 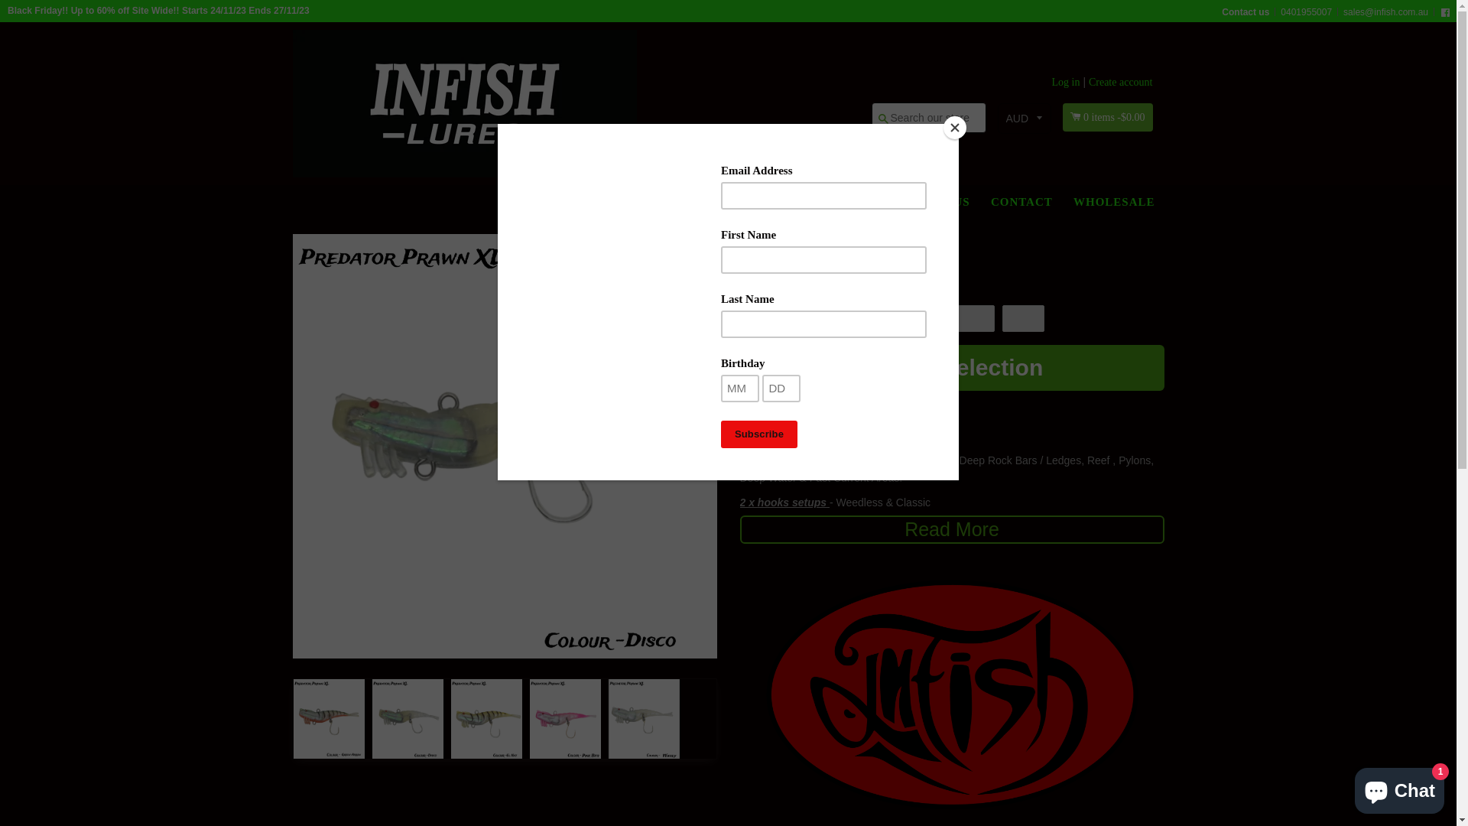 What do you see at coordinates (860, 200) in the screenshot?
I see `'SHOP'` at bounding box center [860, 200].